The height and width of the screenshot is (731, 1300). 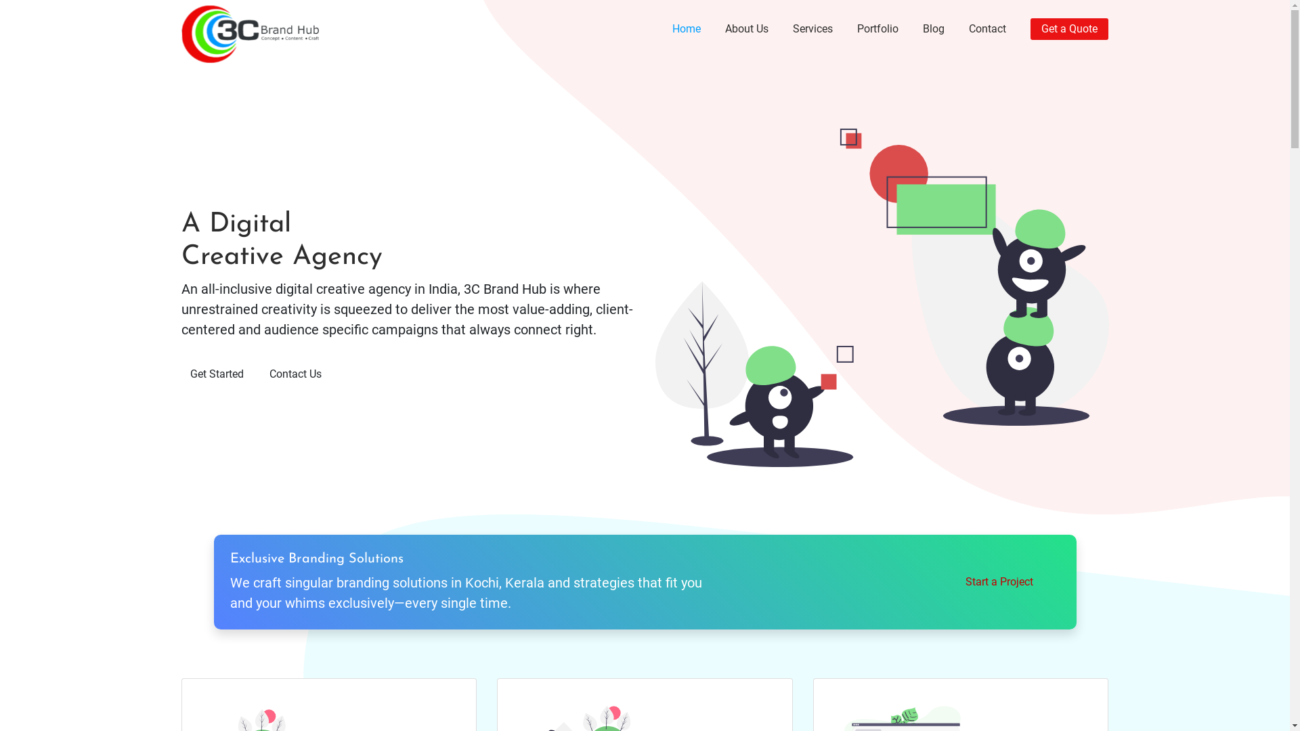 I want to click on 'Contact', so click(x=987, y=28).